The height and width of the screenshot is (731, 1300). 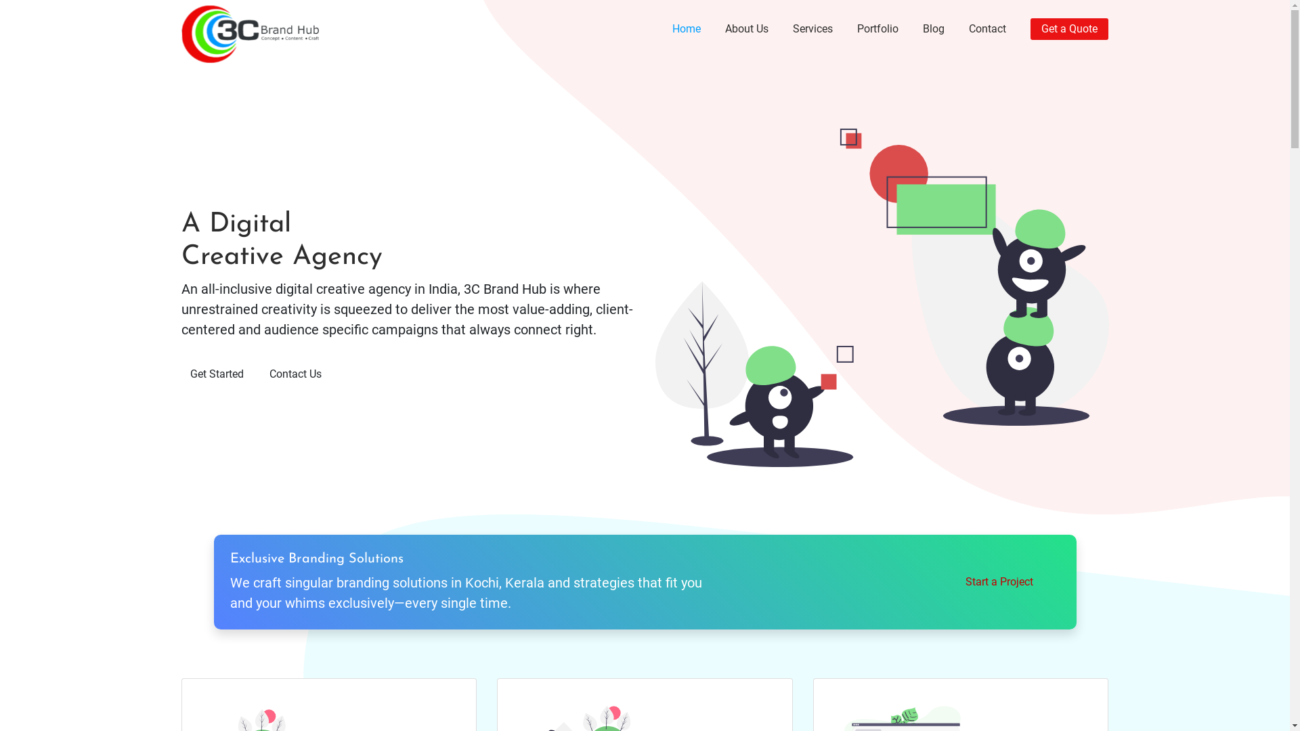 I want to click on 'Contact', so click(x=987, y=28).